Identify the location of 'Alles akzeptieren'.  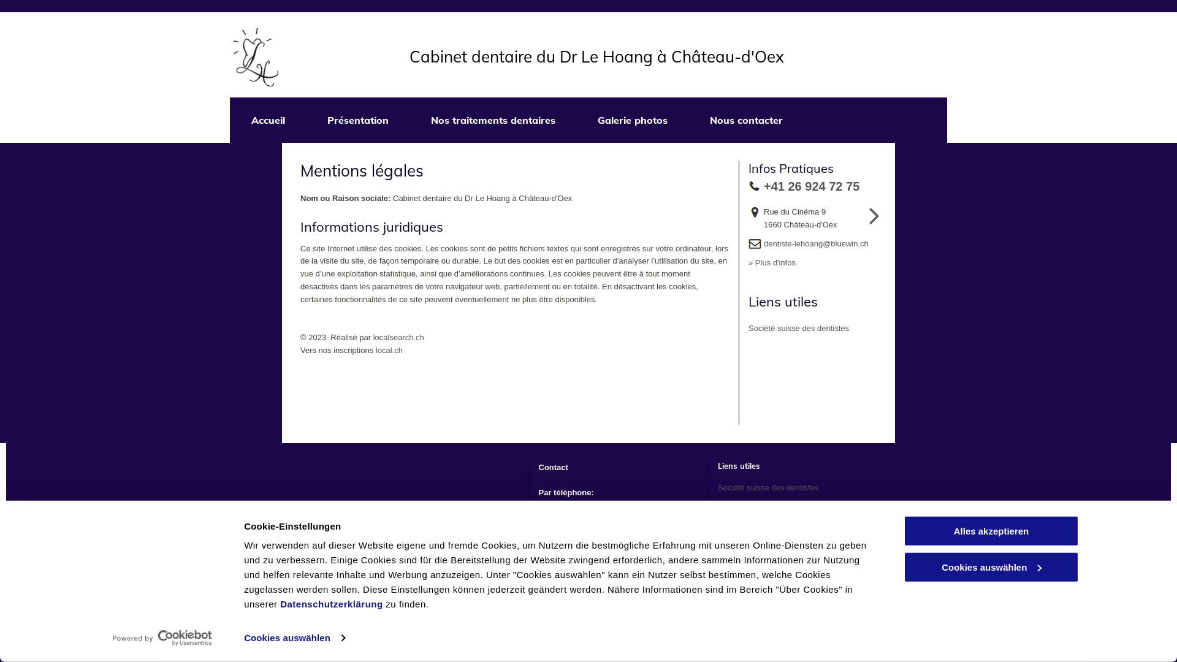
(991, 530).